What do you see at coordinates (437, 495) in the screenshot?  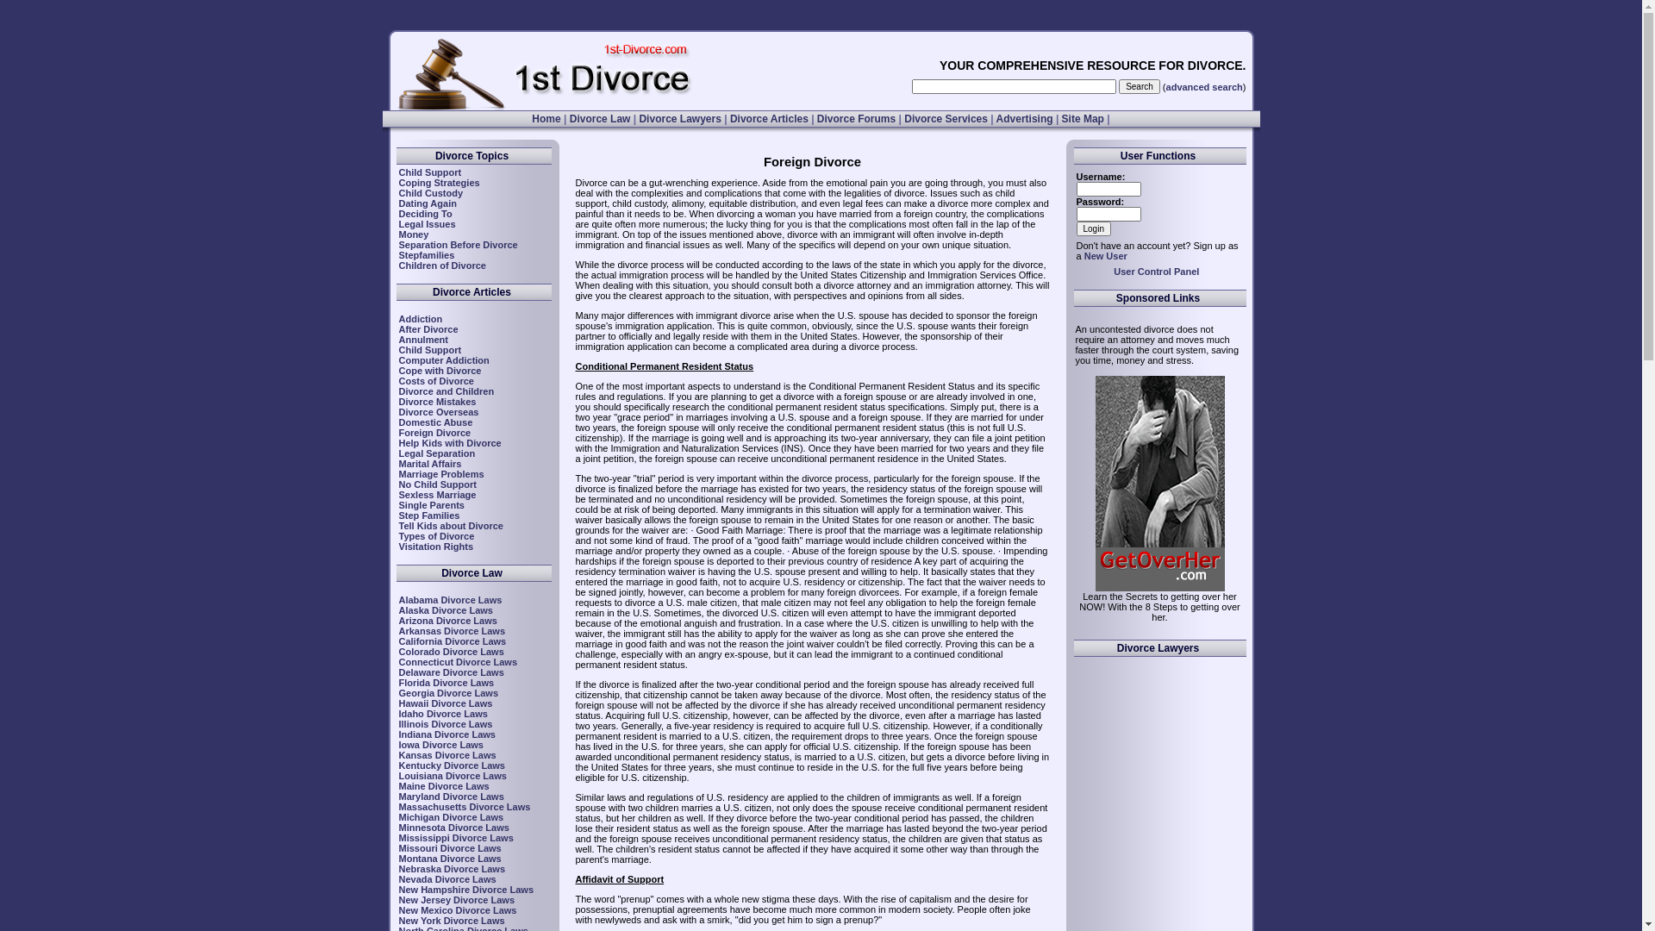 I see `'Sexless Marriage'` at bounding box center [437, 495].